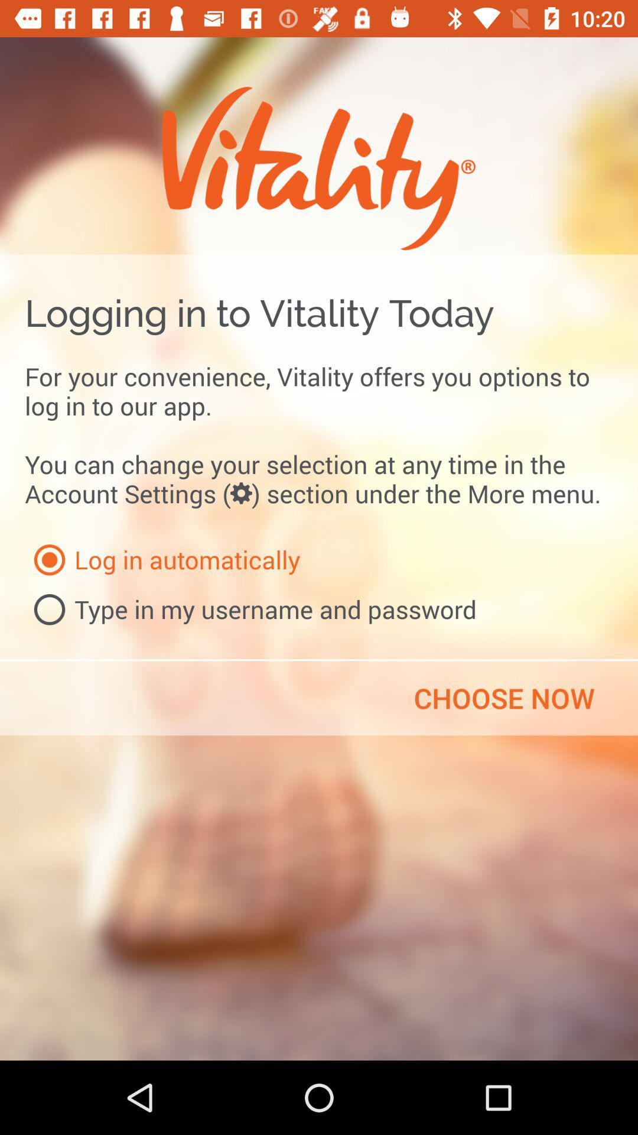 This screenshot has height=1135, width=638. Describe the element at coordinates (504, 698) in the screenshot. I see `the item on the right` at that location.